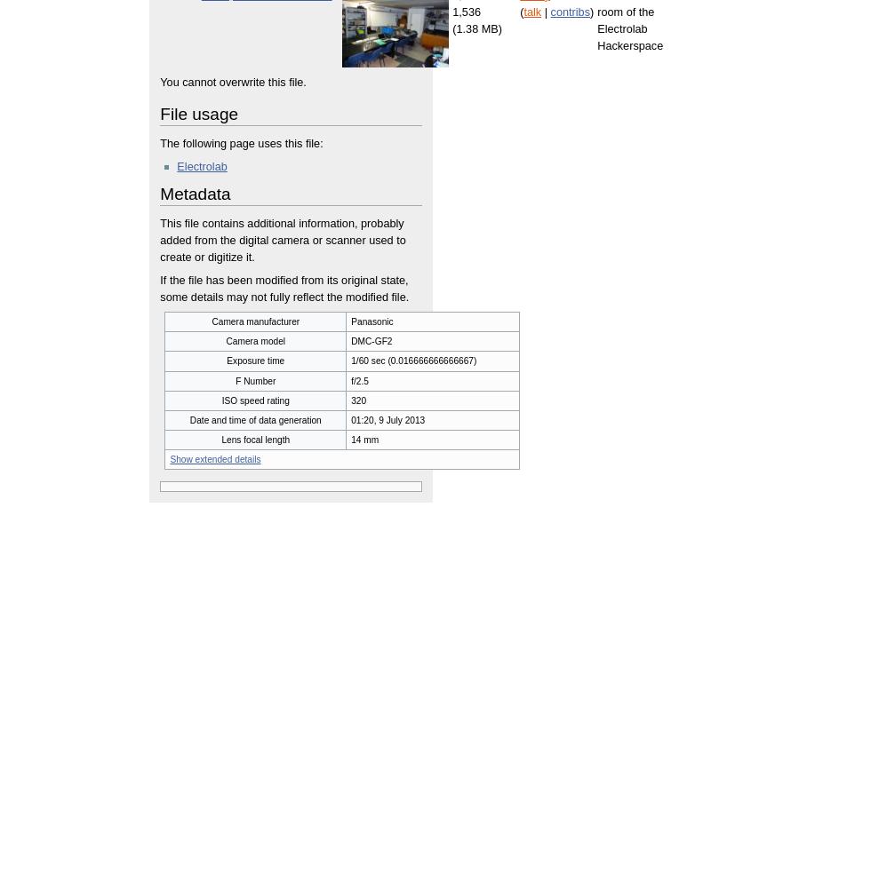 The width and height of the screenshot is (871, 888). I want to click on '(1.38 MB)', so click(452, 28).